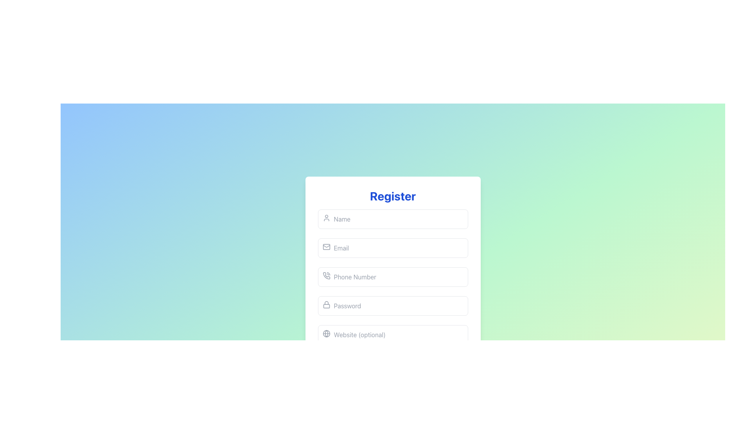  What do you see at coordinates (326, 306) in the screenshot?
I see `the larger rectangle forming the lower part of the lock icon situated to the left of the password input field, which conveys security-related context` at bounding box center [326, 306].